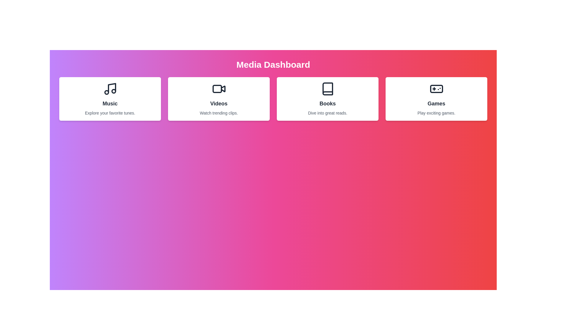 The width and height of the screenshot is (566, 318). What do you see at coordinates (110, 89) in the screenshot?
I see `the musical notes icon located on the 'Music' card in the first position of the row of cards` at bounding box center [110, 89].